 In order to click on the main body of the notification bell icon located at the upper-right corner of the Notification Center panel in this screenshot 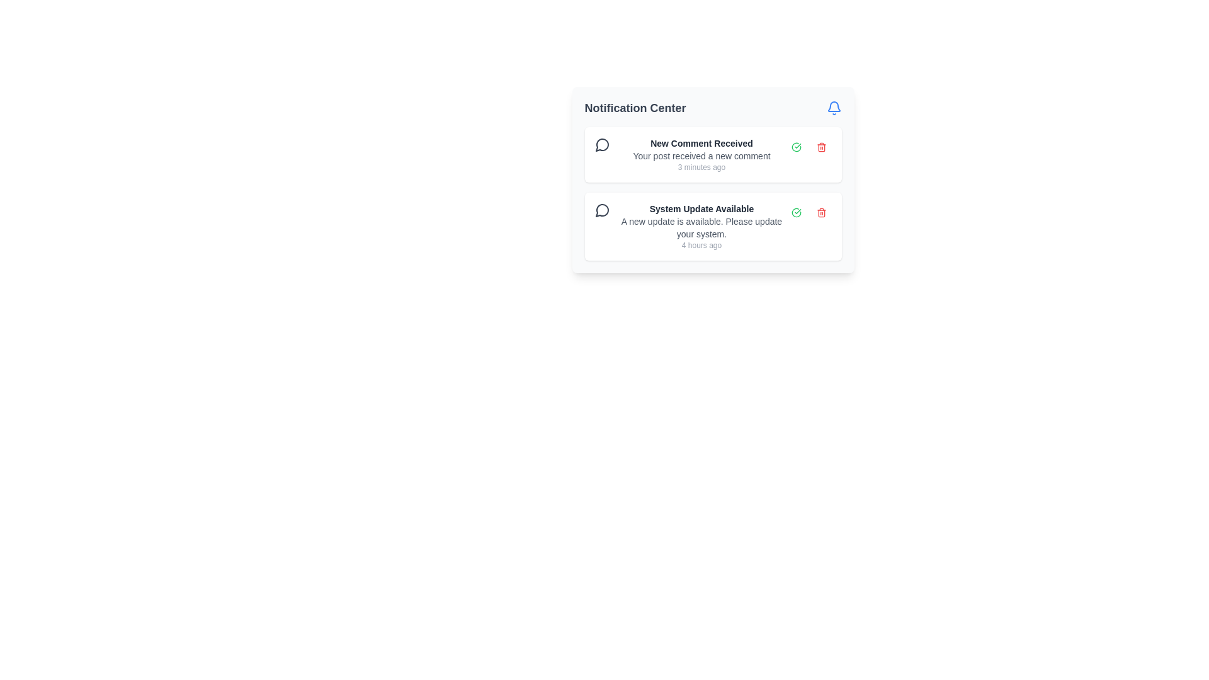, I will do `click(834, 106)`.